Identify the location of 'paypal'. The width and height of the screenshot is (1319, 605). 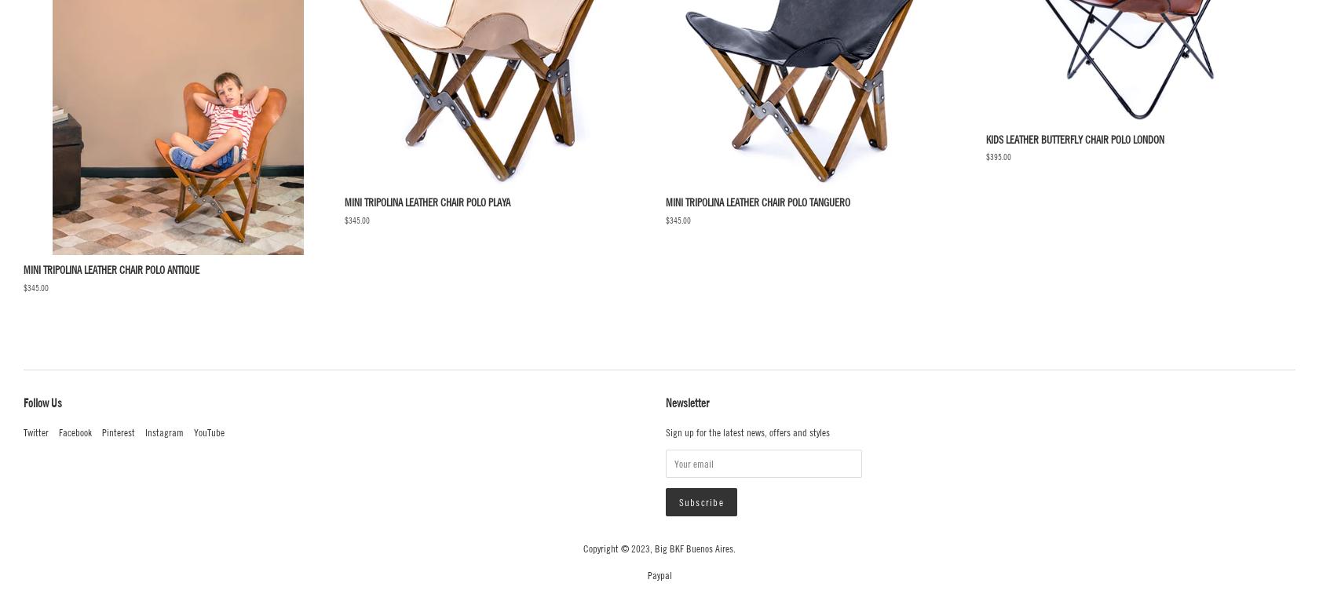
(647, 574).